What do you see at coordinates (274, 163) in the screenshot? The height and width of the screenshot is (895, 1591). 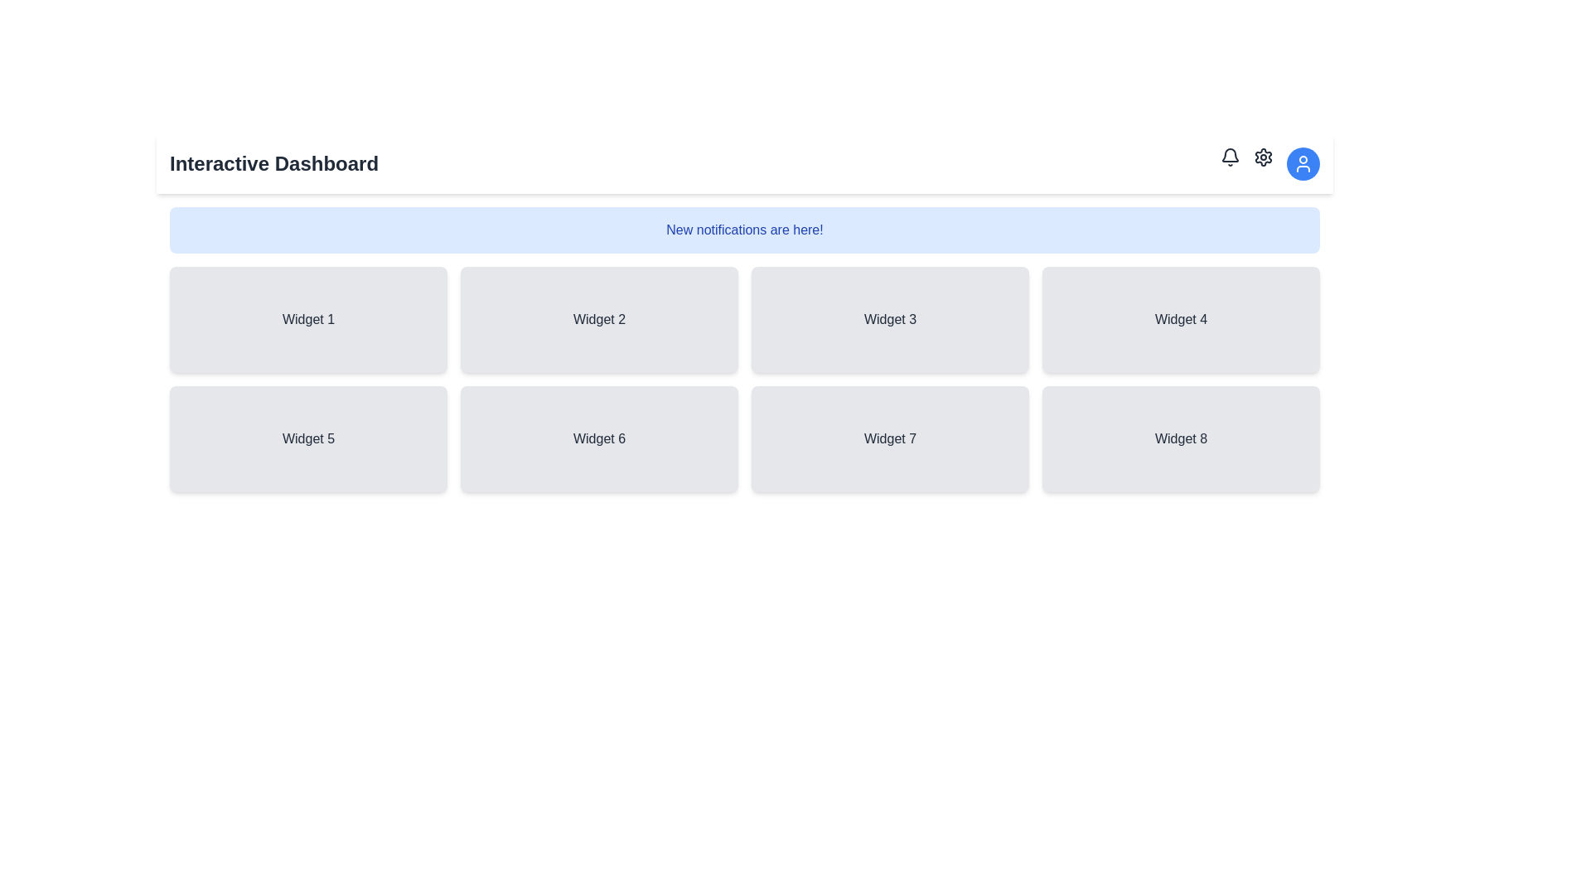 I see `text from the bold, large-font title labeled 'Interactive Dashboard' located at the top left of the page` at bounding box center [274, 163].